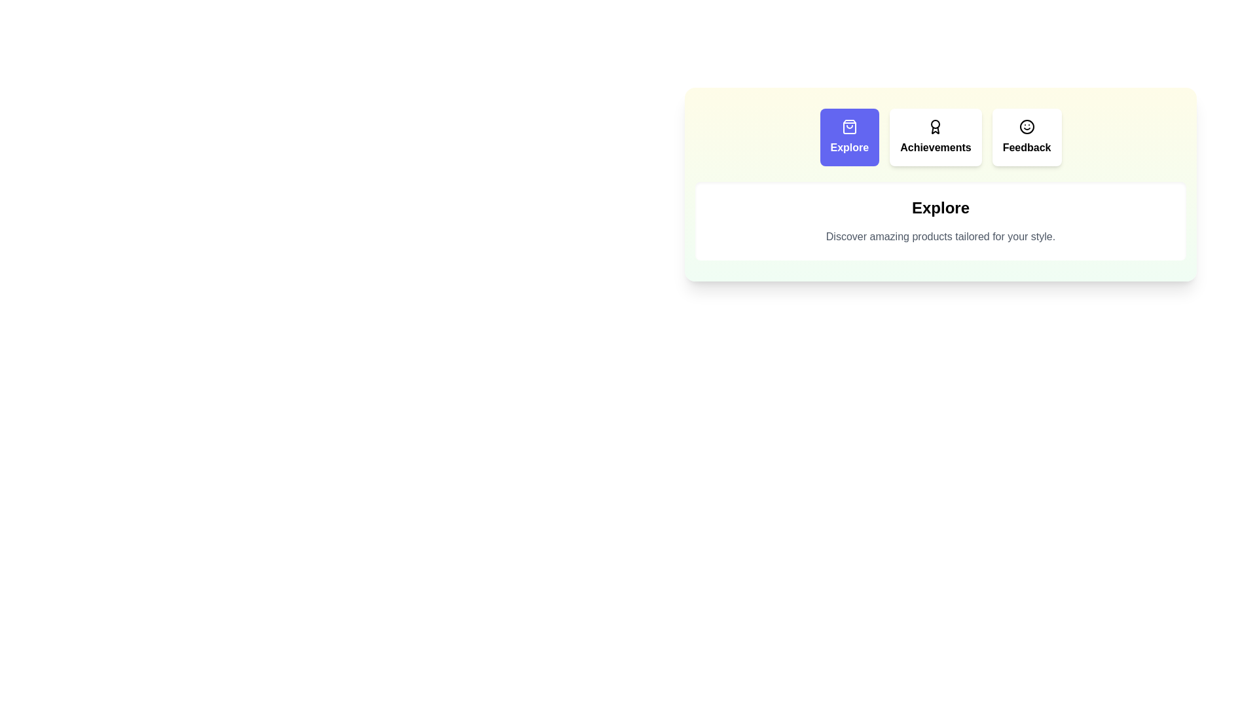 The width and height of the screenshot is (1257, 707). Describe the element at coordinates (848, 137) in the screenshot. I see `the Explore tab by clicking on its respective title or icon` at that location.